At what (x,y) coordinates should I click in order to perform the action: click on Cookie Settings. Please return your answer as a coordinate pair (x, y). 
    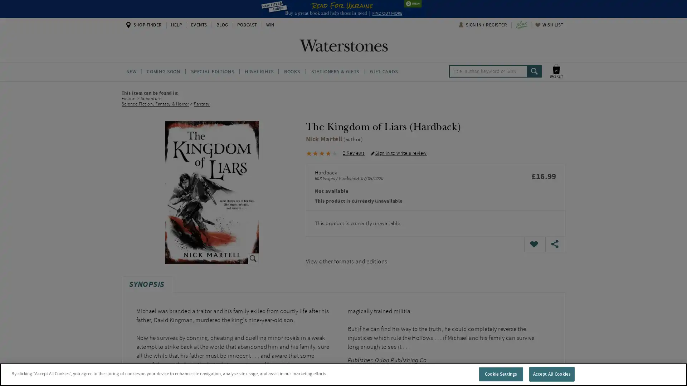
    Looking at the image, I should click on (500, 373).